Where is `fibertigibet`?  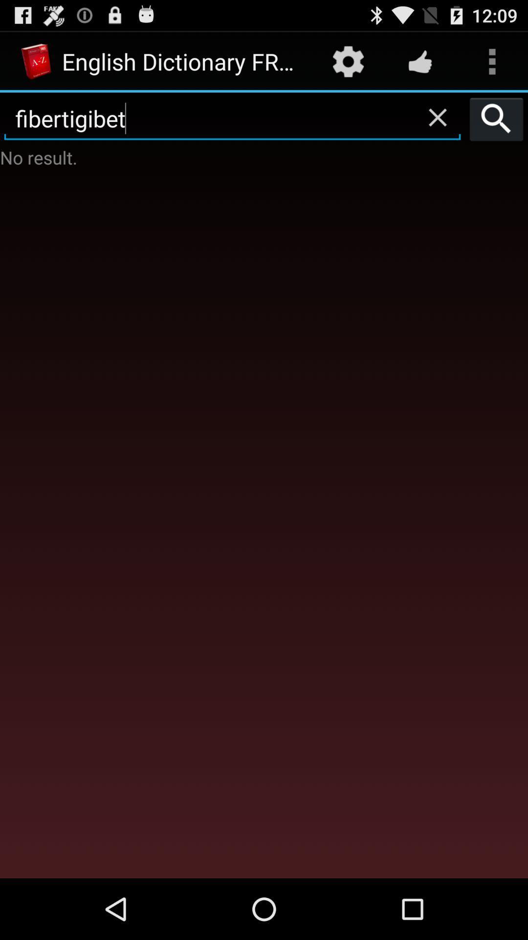
fibertigibet is located at coordinates (232, 118).